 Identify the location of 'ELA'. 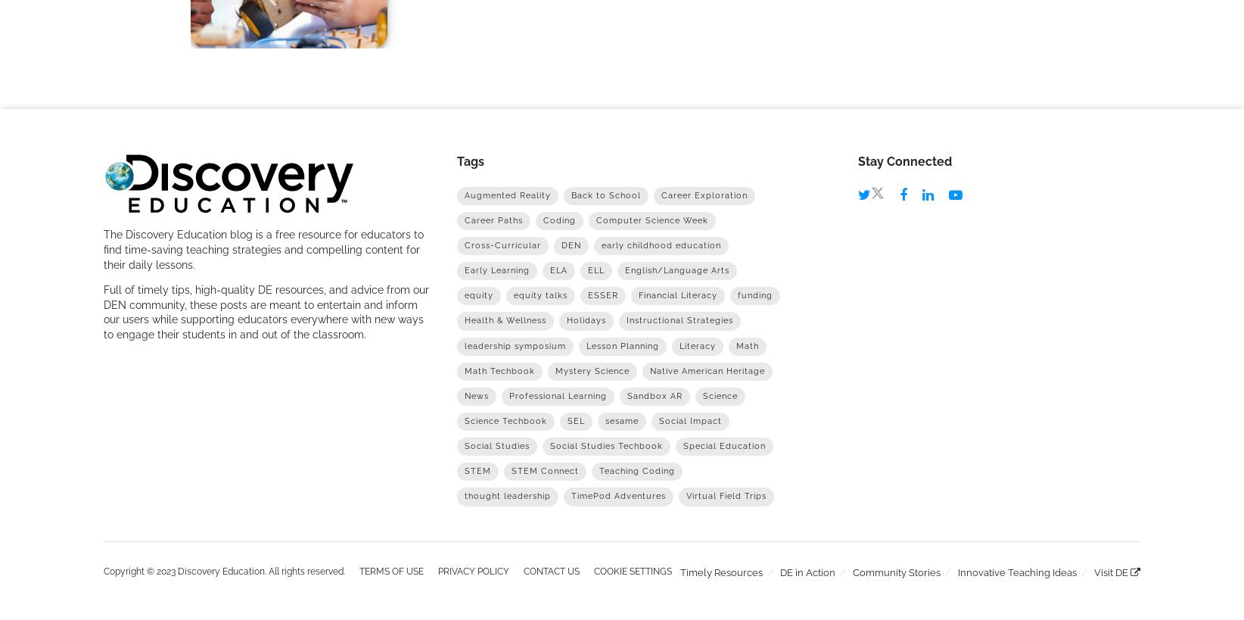
(557, 269).